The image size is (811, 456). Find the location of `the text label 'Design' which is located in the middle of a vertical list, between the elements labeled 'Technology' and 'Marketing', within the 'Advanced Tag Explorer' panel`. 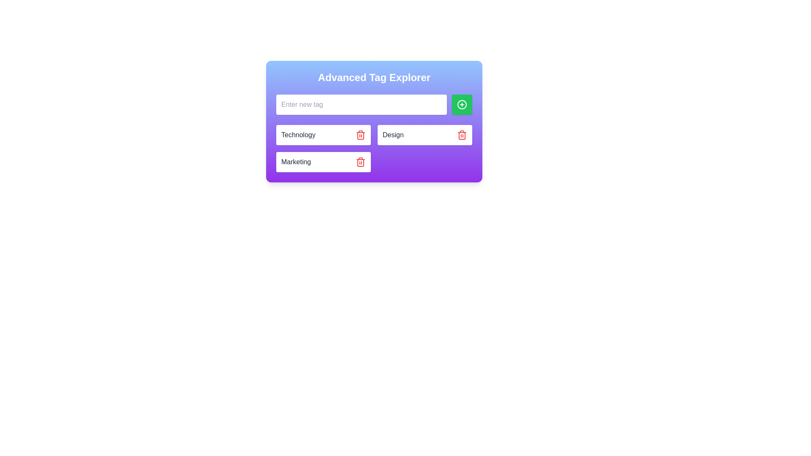

the text label 'Design' which is located in the middle of a vertical list, between the elements labeled 'Technology' and 'Marketing', within the 'Advanced Tag Explorer' panel is located at coordinates (392, 135).